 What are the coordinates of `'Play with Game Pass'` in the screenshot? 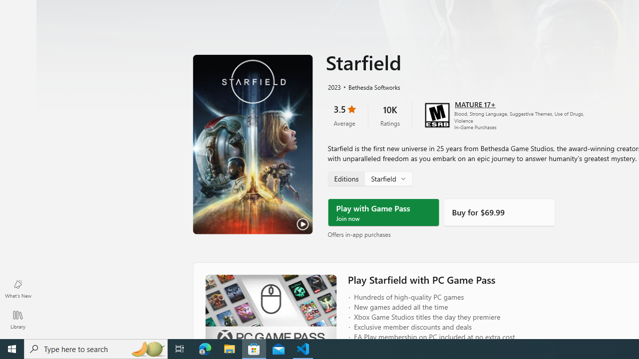 It's located at (383, 212).